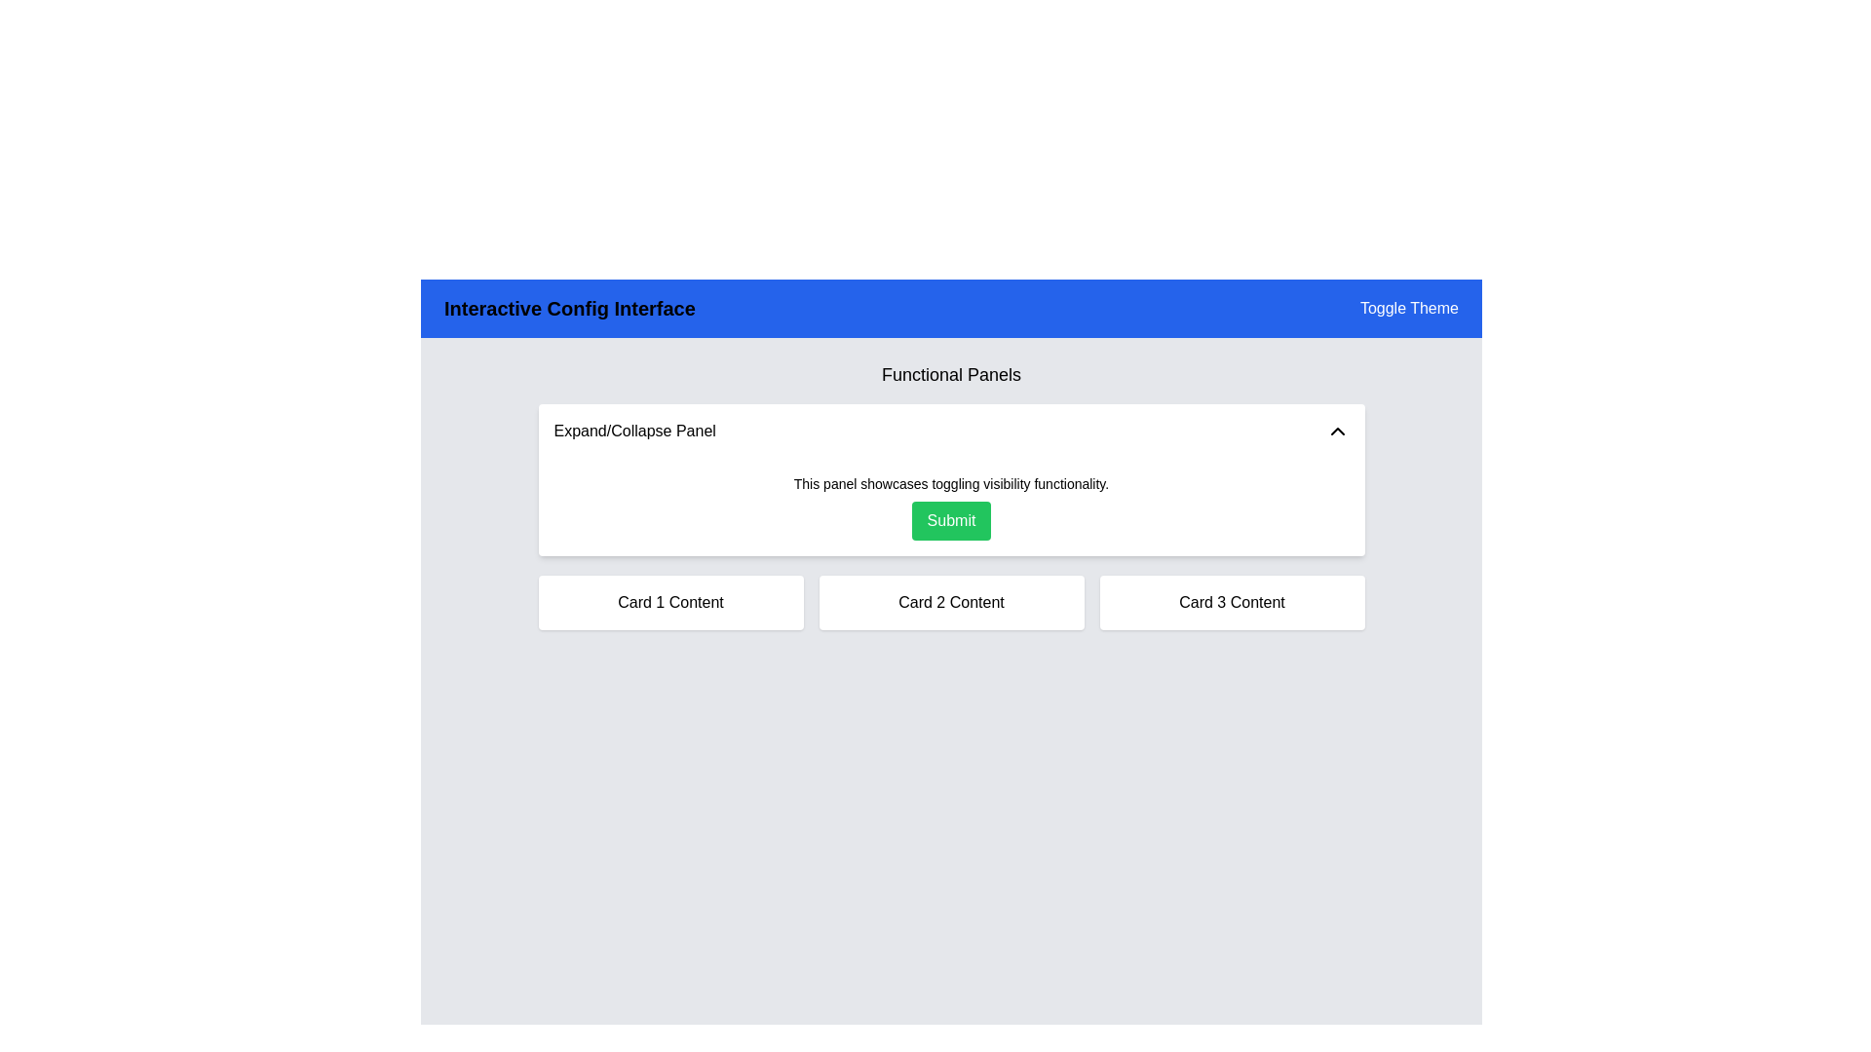  Describe the element at coordinates (1336, 431) in the screenshot. I see `the expand/collapse icon positioned on the far-right side of the row labeled 'Expand/Collapse Panel'` at that location.